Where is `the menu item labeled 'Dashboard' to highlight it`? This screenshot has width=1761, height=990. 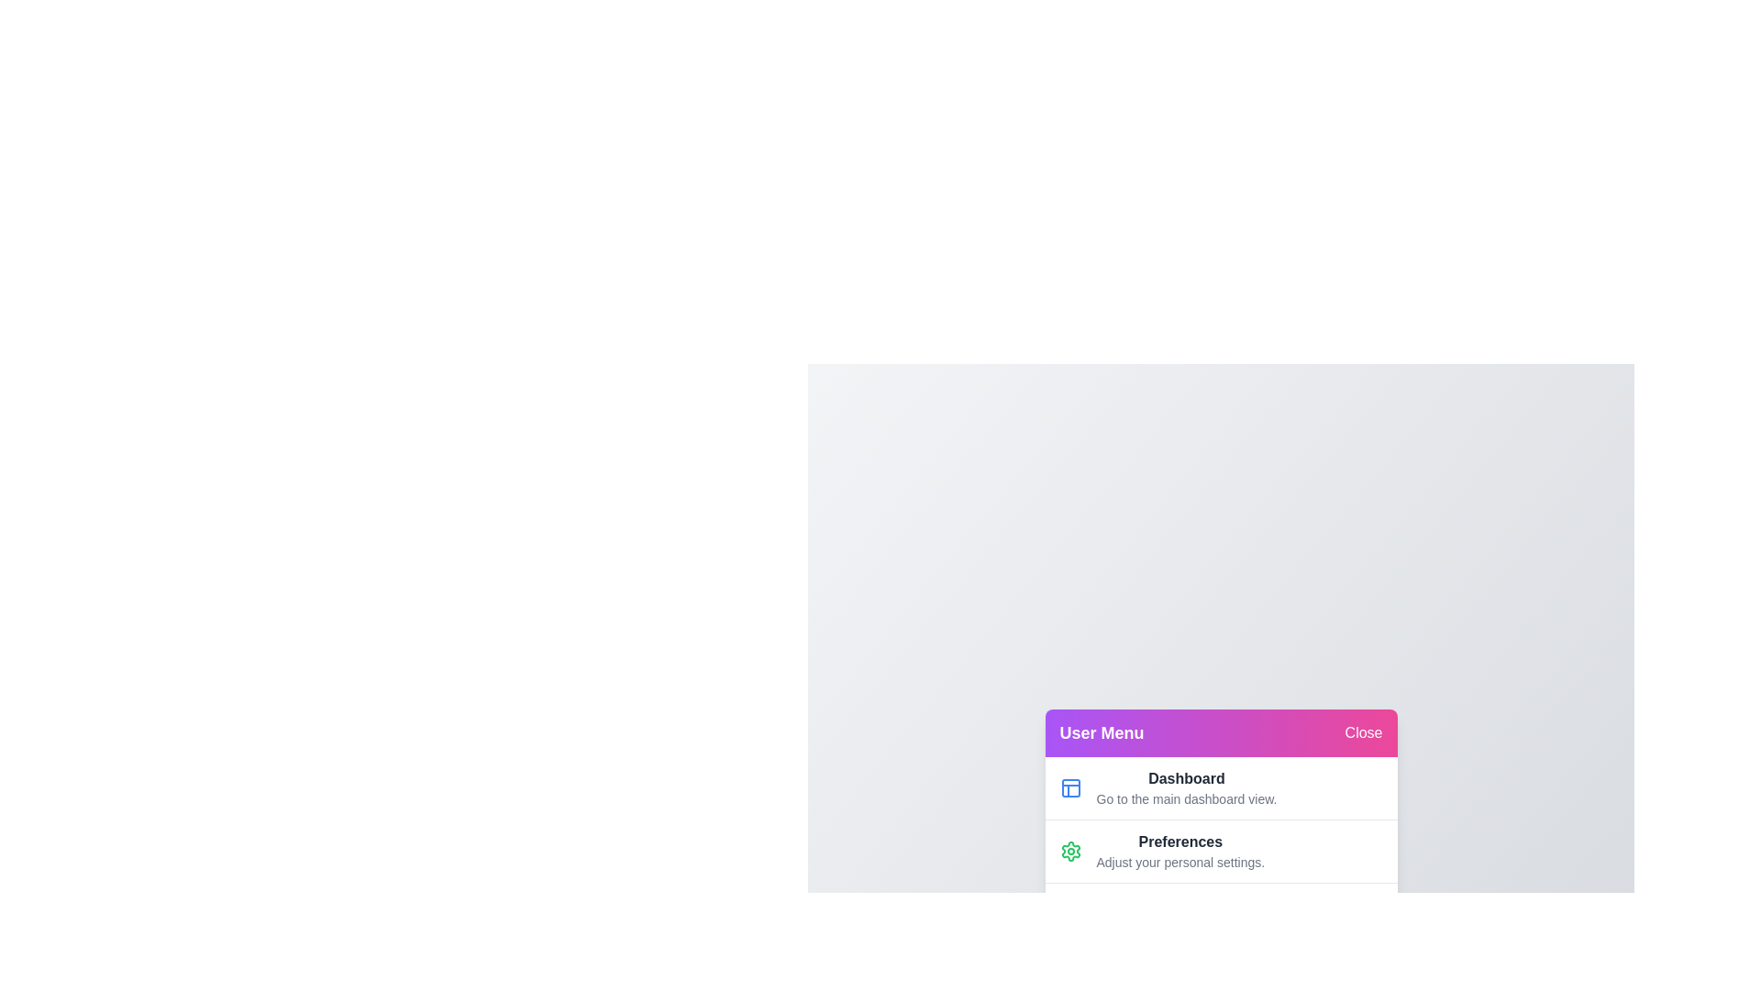 the menu item labeled 'Dashboard' to highlight it is located at coordinates (1221, 786).